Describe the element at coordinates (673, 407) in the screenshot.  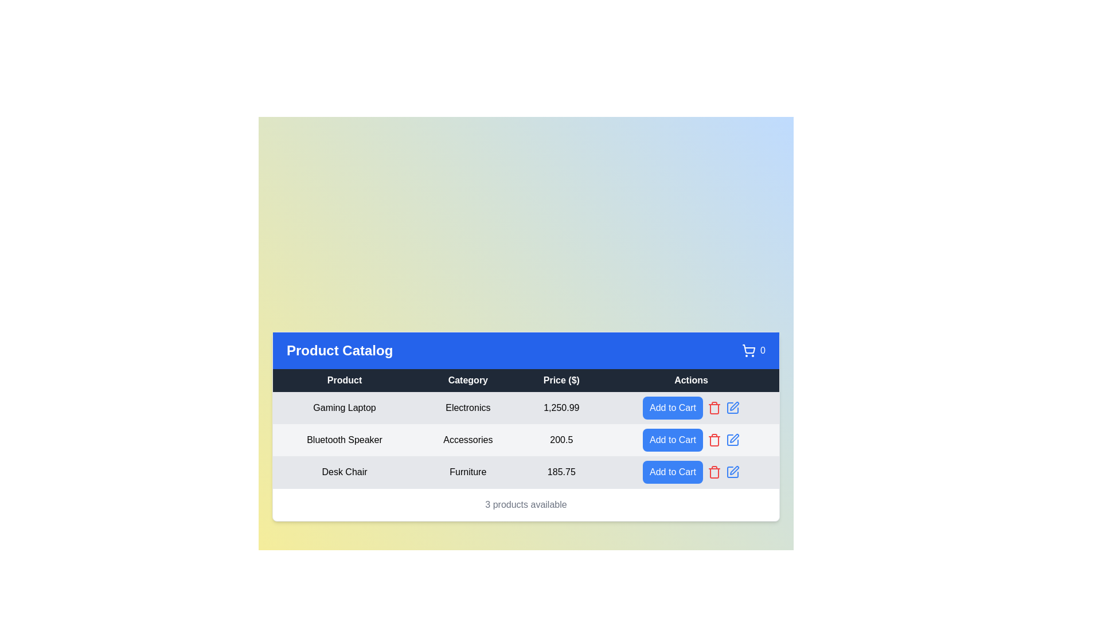
I see `the 'Add to Cart' button for the 'Gaming Laptop'` at that location.